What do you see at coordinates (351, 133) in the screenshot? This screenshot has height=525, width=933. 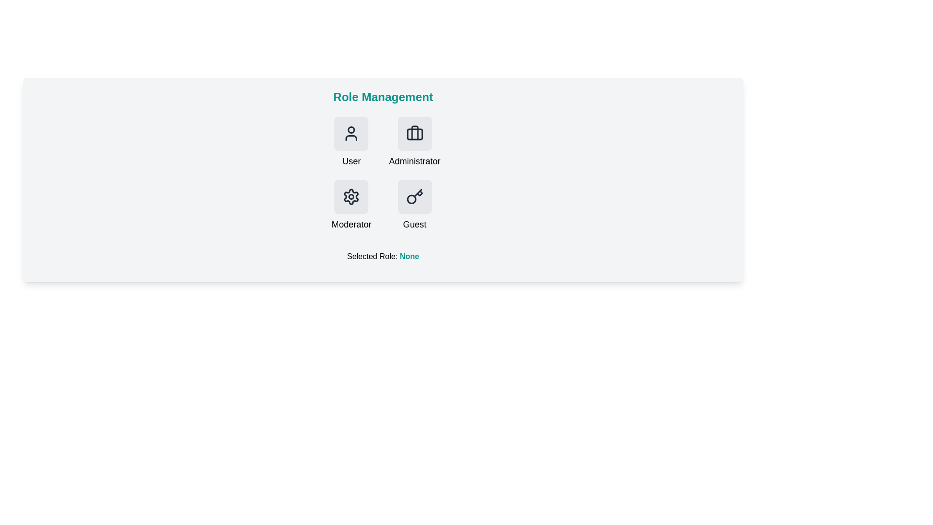 I see `the button in the 'Role Management' section` at bounding box center [351, 133].